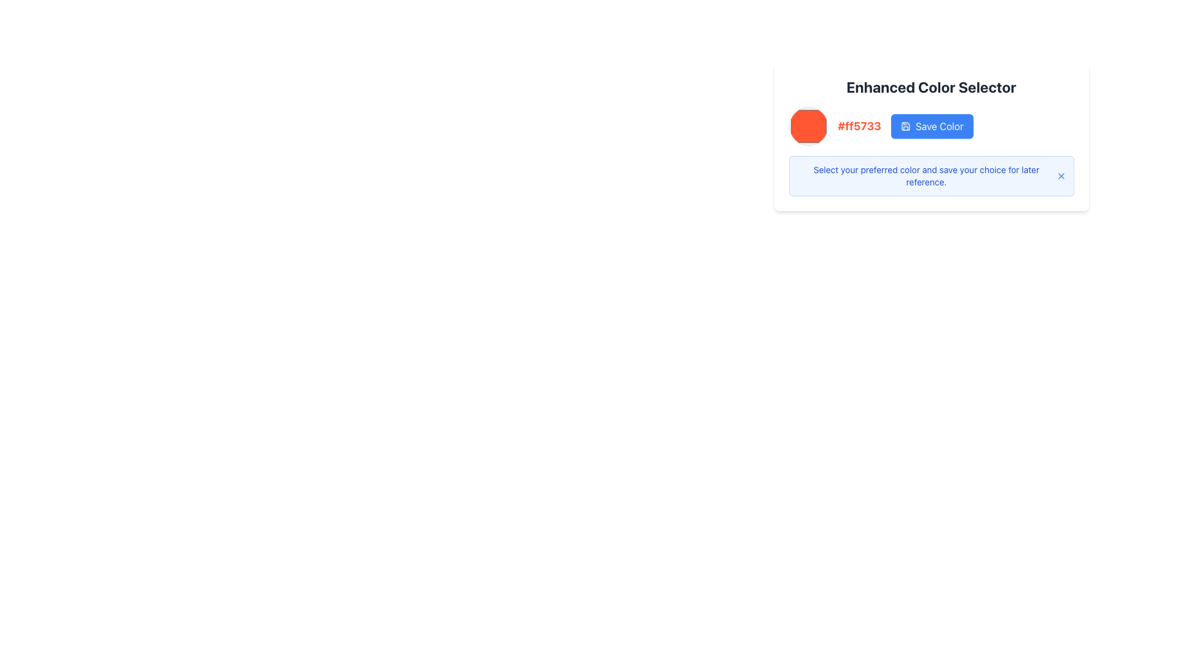 The width and height of the screenshot is (1180, 663). Describe the element at coordinates (859, 126) in the screenshot. I see `the Text Label that visually represents the color code '#ff5733', located below the circular color swatch and to the left of the 'Save Color' button in the 'Enhanced Color Selector' section` at that location.